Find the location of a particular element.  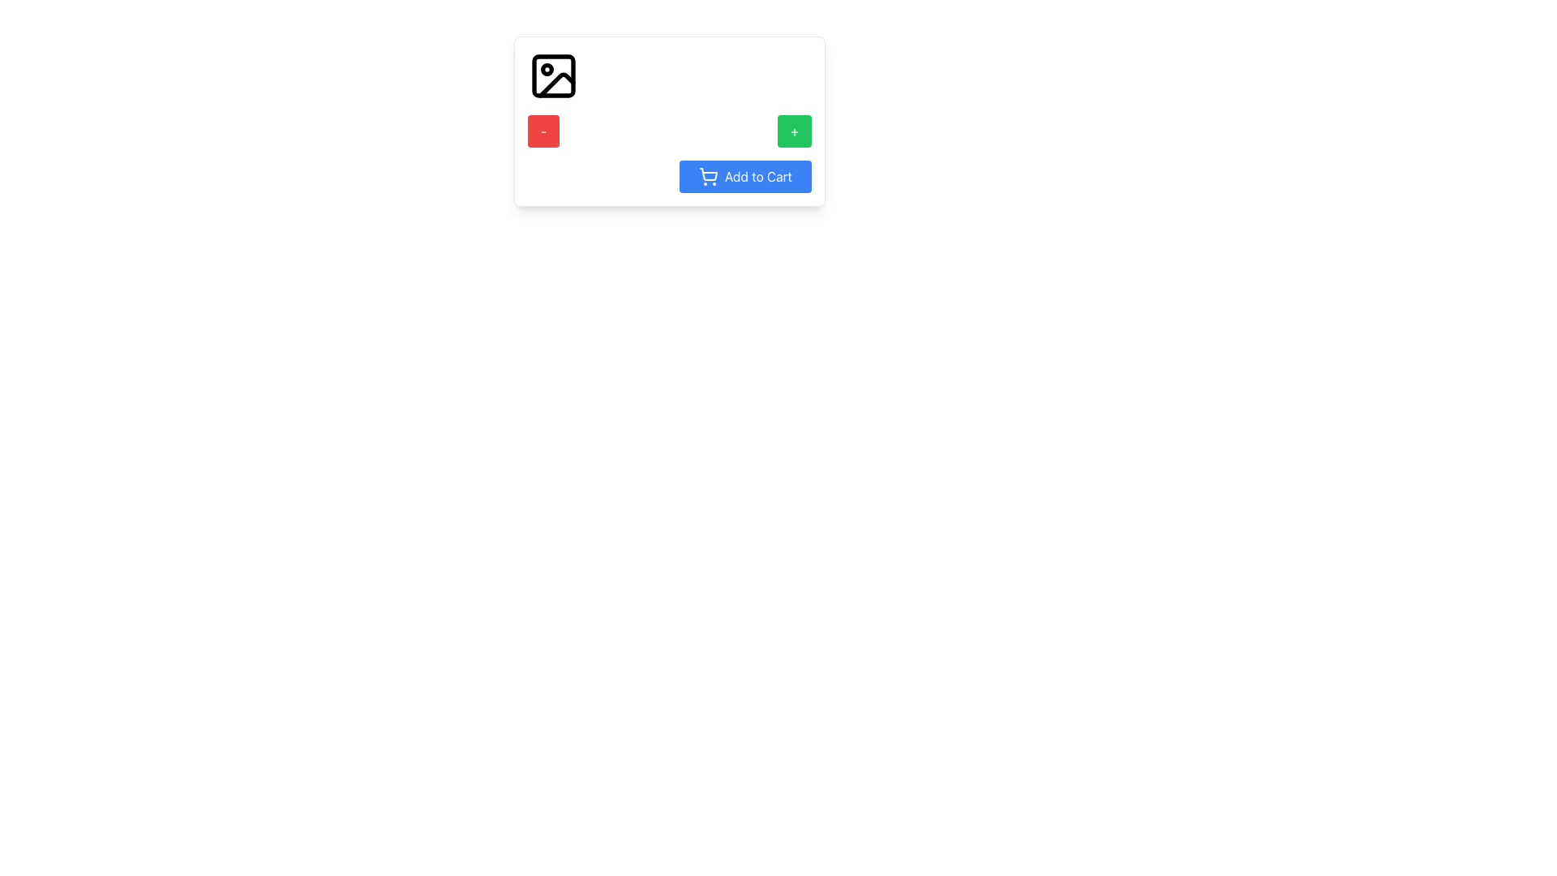

the Decorative Rectangle, which serves as a background or frame within the icon, positioned in the top-left corner of the larger image frame icon is located at coordinates (553, 75).